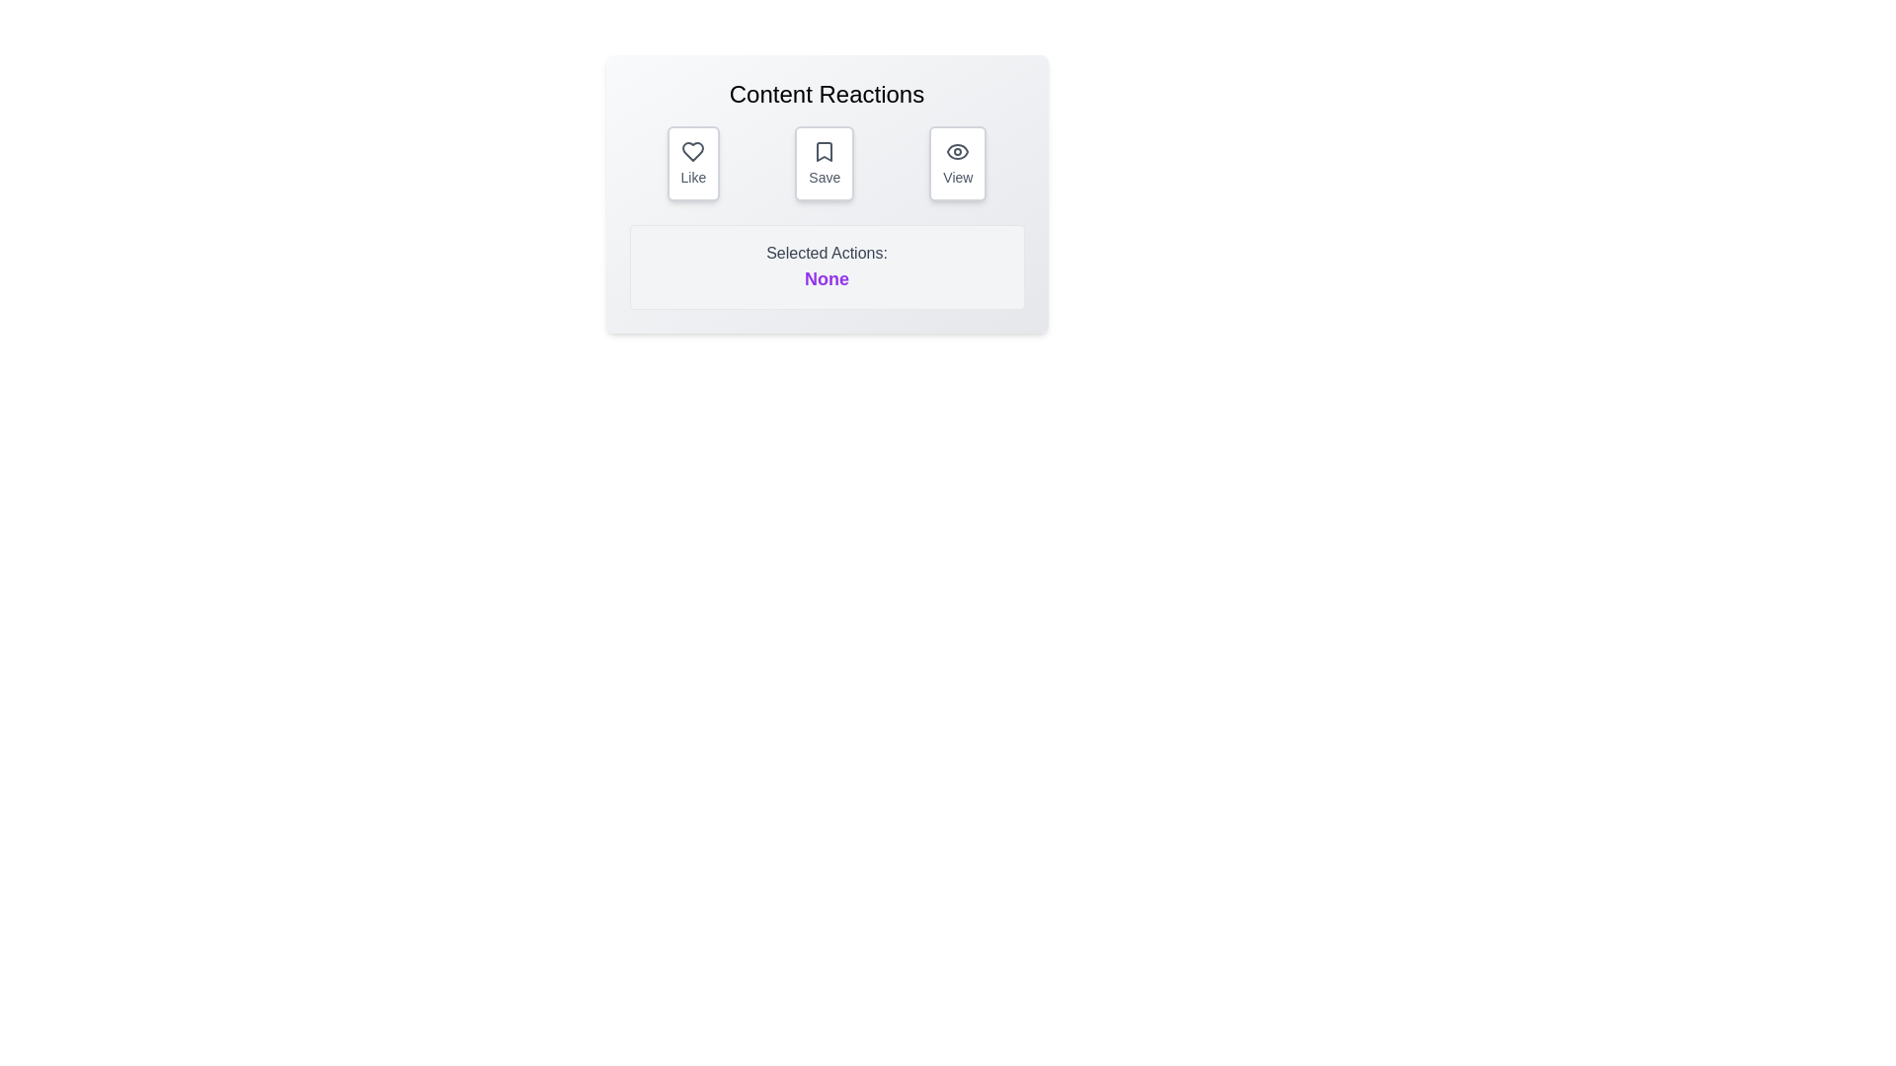 The height and width of the screenshot is (1066, 1896). Describe the element at coordinates (825, 162) in the screenshot. I see `the 'Save' button to toggle the 'Save' reaction` at that location.